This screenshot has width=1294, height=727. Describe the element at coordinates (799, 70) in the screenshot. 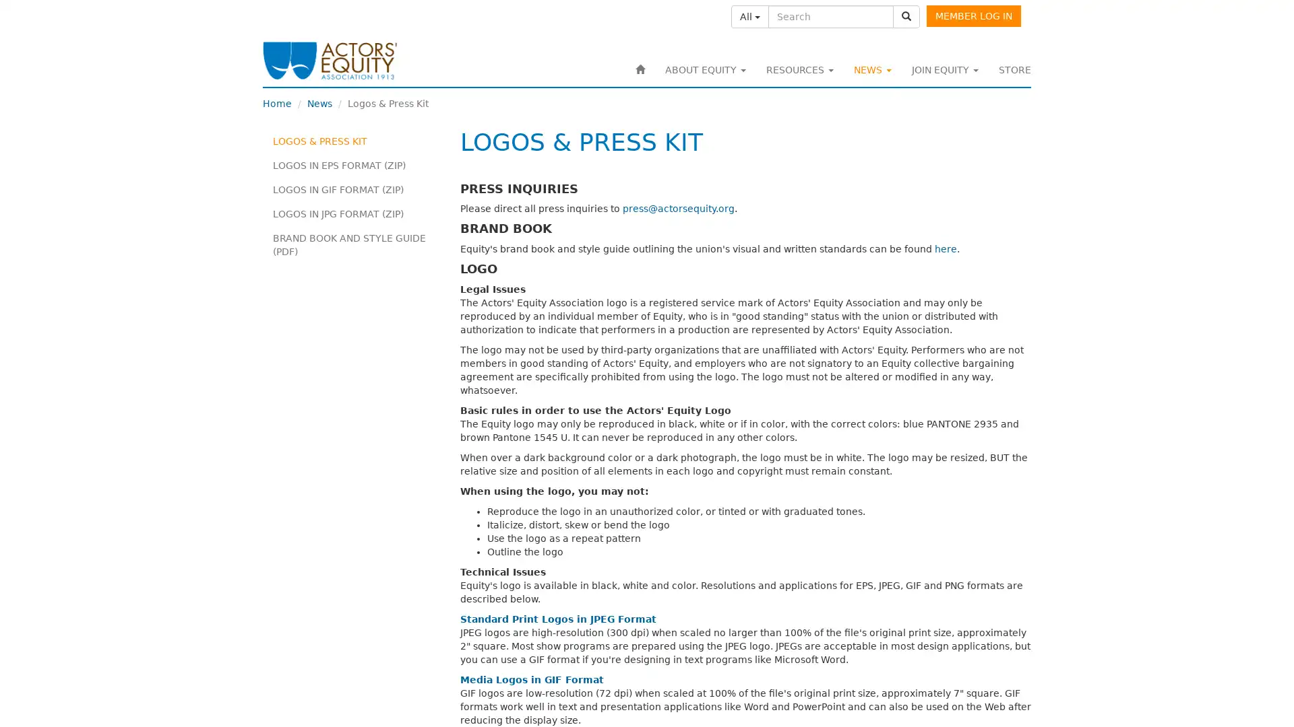

I see `RESOURCES` at that location.